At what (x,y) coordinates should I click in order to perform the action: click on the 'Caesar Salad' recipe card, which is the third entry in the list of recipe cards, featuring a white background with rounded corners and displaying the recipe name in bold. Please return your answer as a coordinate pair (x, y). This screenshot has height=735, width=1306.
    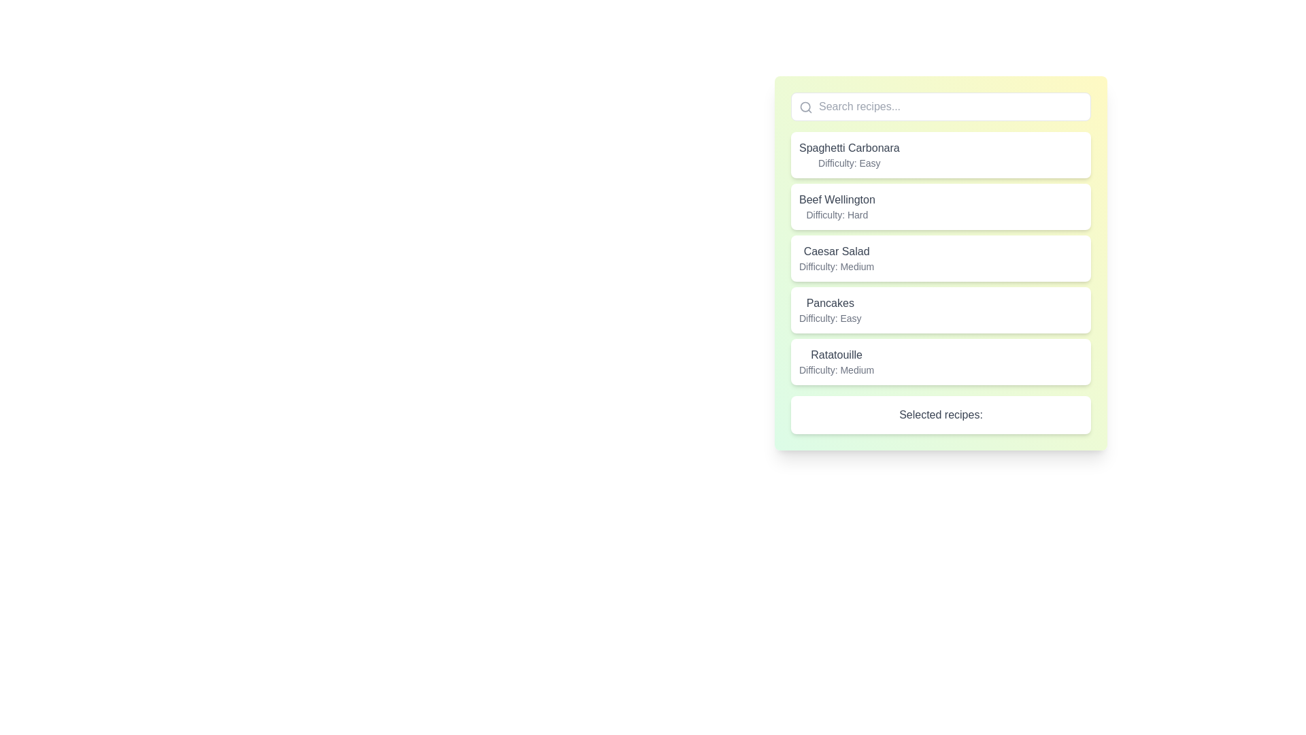
    Looking at the image, I should click on (940, 259).